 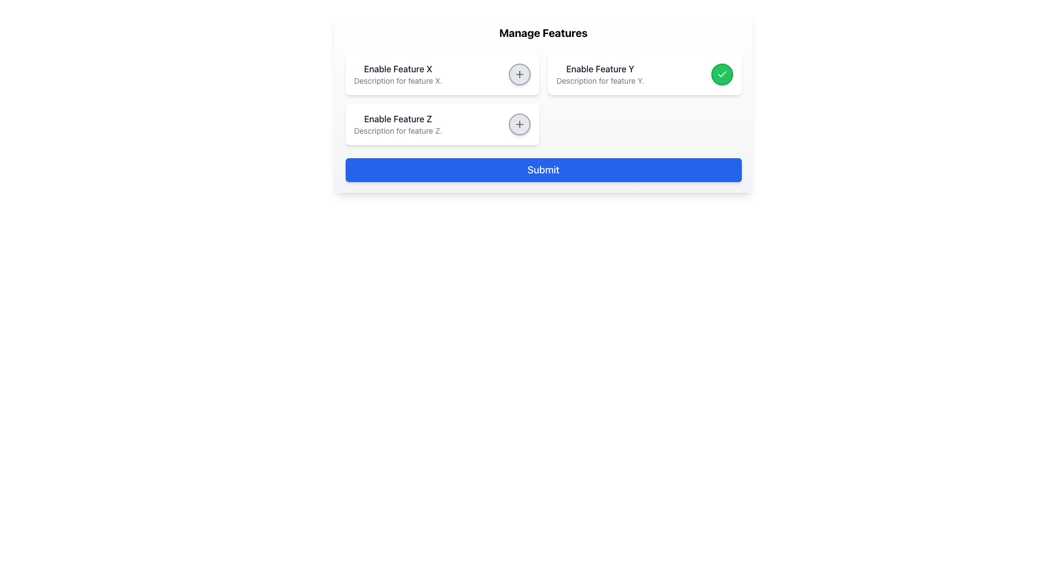 I want to click on the circular button with a gray background and a plus icon, located at the bottom-right corner of the 'Enable Feature Z' card to observe potential hover effects, so click(x=519, y=123).